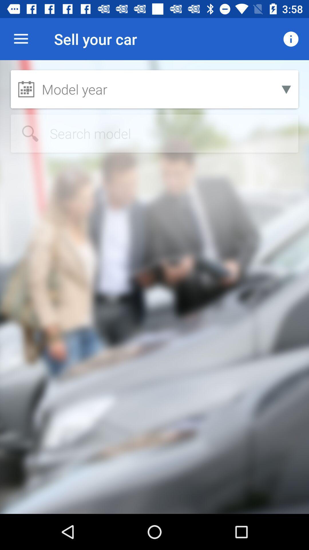 Image resolution: width=309 pixels, height=550 pixels. Describe the element at coordinates (154, 133) in the screenshot. I see `etc` at that location.